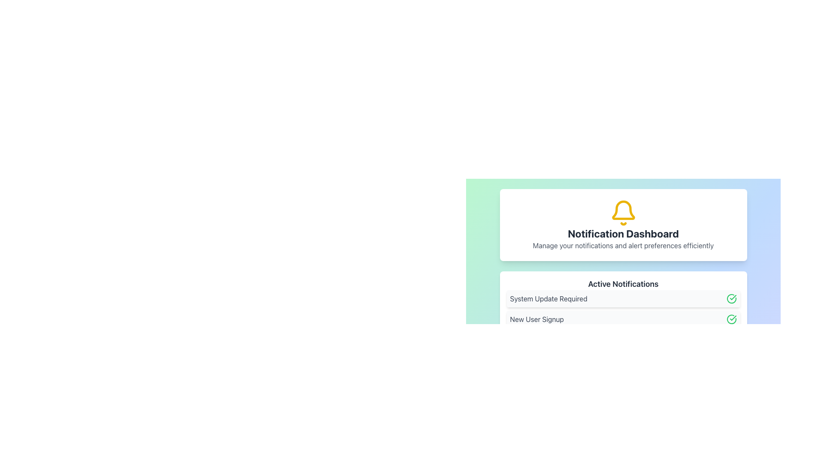  I want to click on the status indication of the success icon located at the far right of the 'New User Signup' notification entry, which is aligned horizontally with the text label and vertically centered within the entry, so click(731, 319).